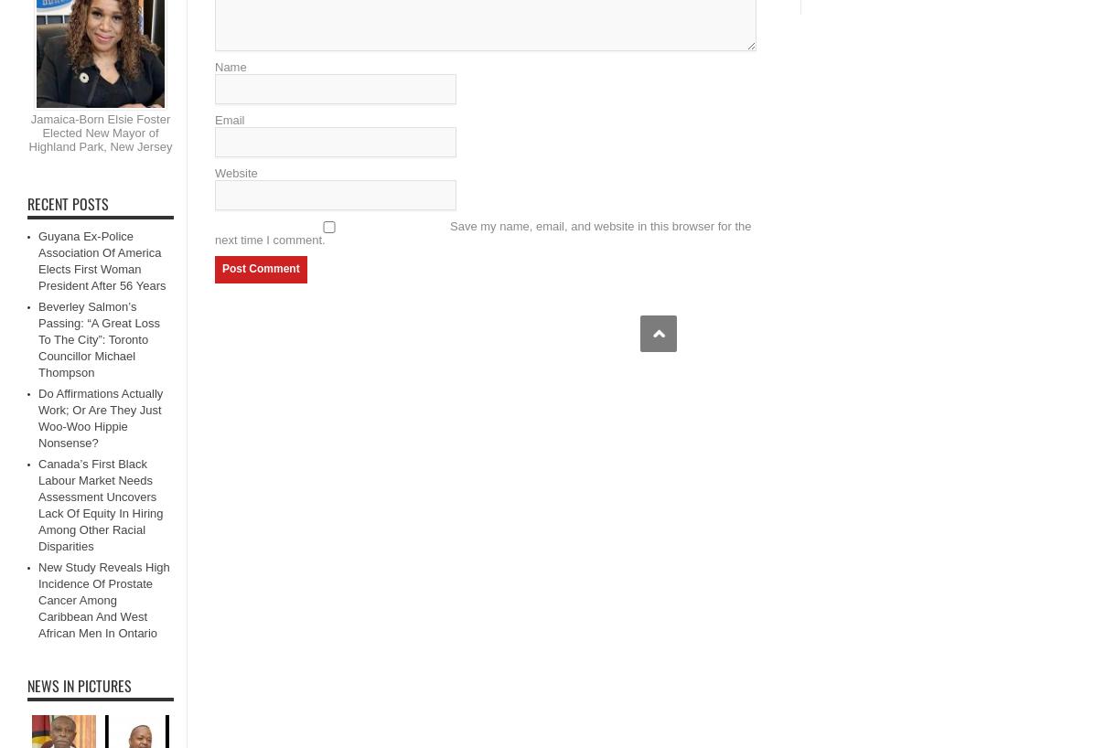 The width and height of the screenshot is (1116, 748). What do you see at coordinates (214, 231) in the screenshot?
I see `'Save my name, email, and website in this browser for the next time I comment.'` at bounding box center [214, 231].